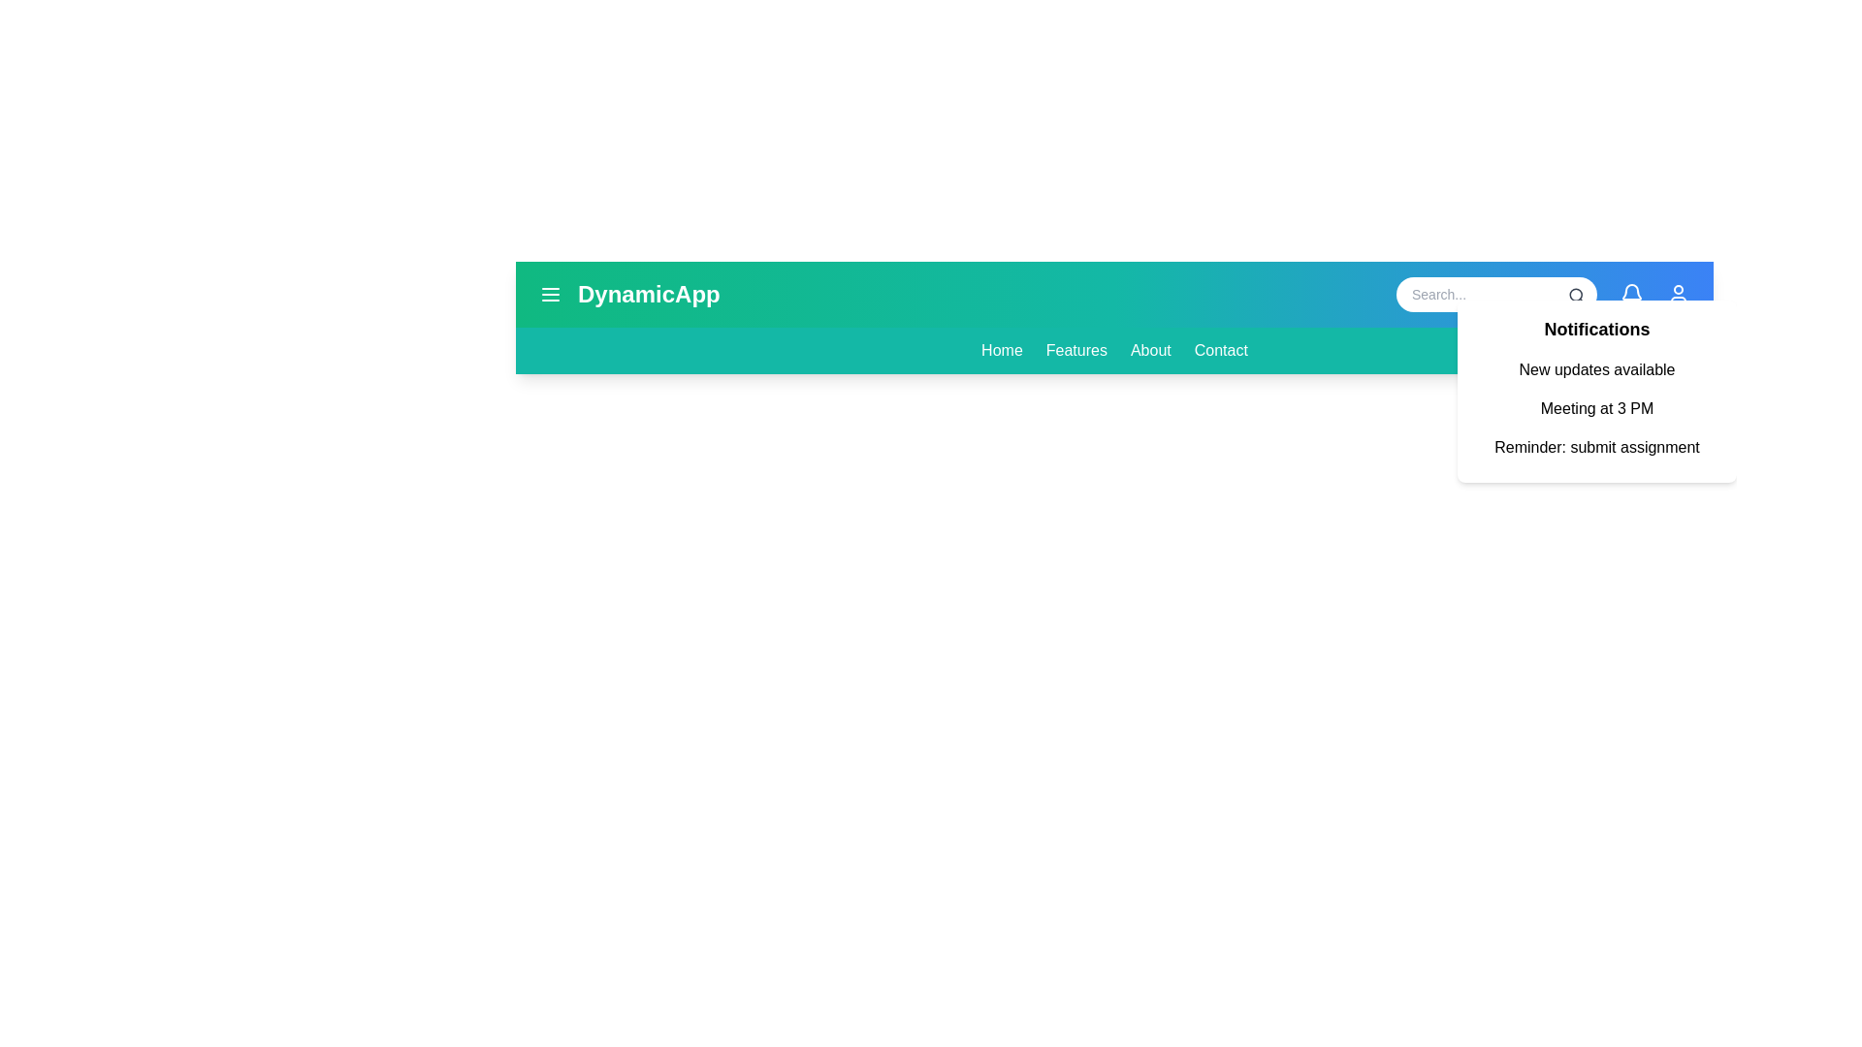 The height and width of the screenshot is (1047, 1862). Describe the element at coordinates (1150, 351) in the screenshot. I see `the navigation menu item 'About' to navigate to the respective section` at that location.